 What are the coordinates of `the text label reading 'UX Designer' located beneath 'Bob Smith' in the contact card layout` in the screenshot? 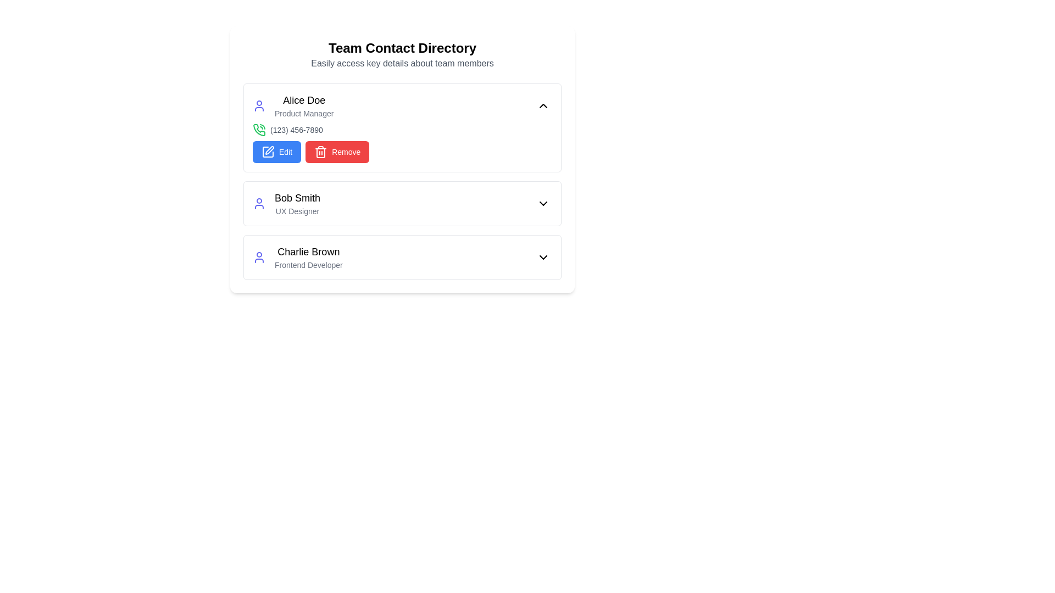 It's located at (297, 211).